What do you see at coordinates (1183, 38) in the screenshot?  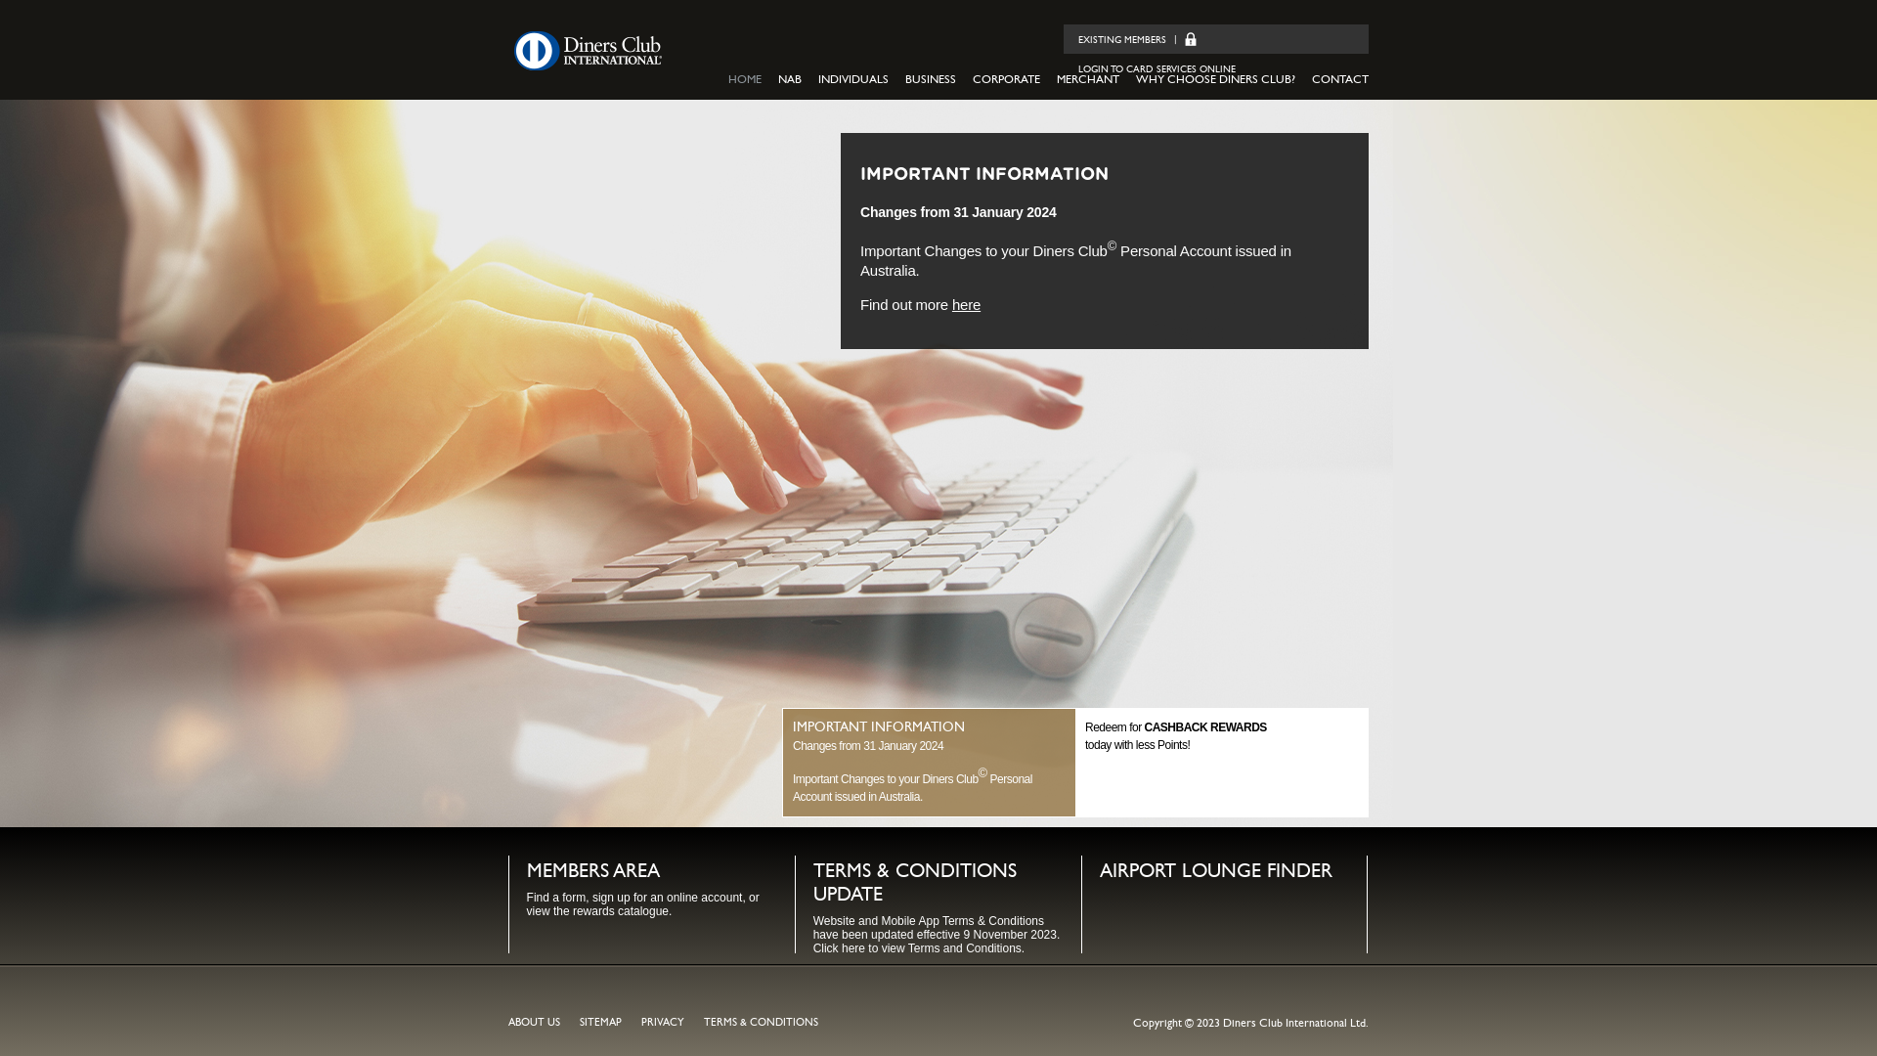 I see `'Login'` at bounding box center [1183, 38].